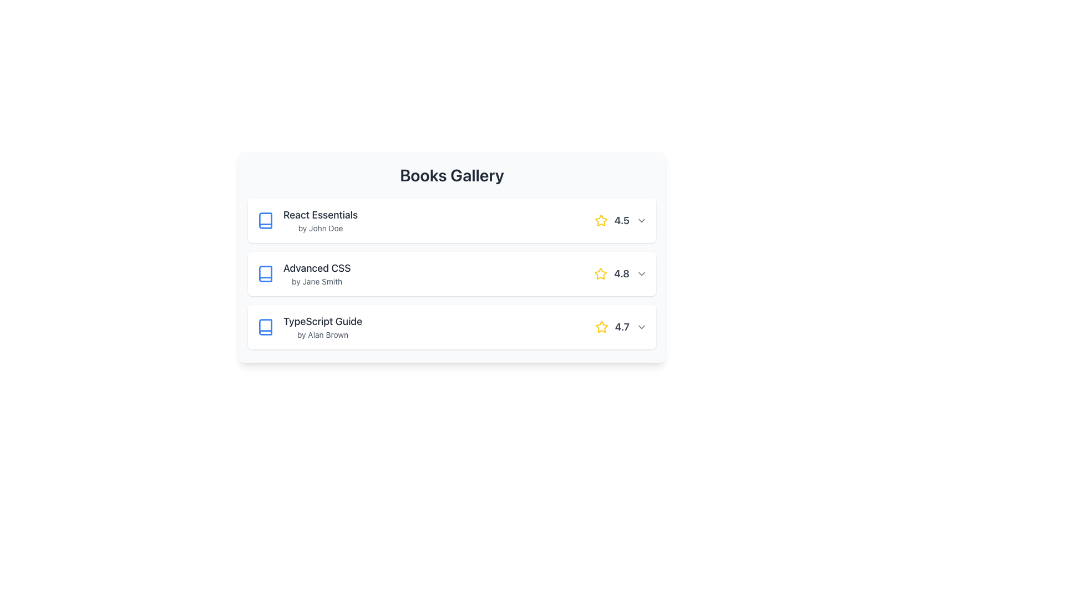 The height and width of the screenshot is (599, 1065). What do you see at coordinates (322, 327) in the screenshot?
I see `the Text Label displaying the title and author of a book, located in the third row of the book entries list` at bounding box center [322, 327].